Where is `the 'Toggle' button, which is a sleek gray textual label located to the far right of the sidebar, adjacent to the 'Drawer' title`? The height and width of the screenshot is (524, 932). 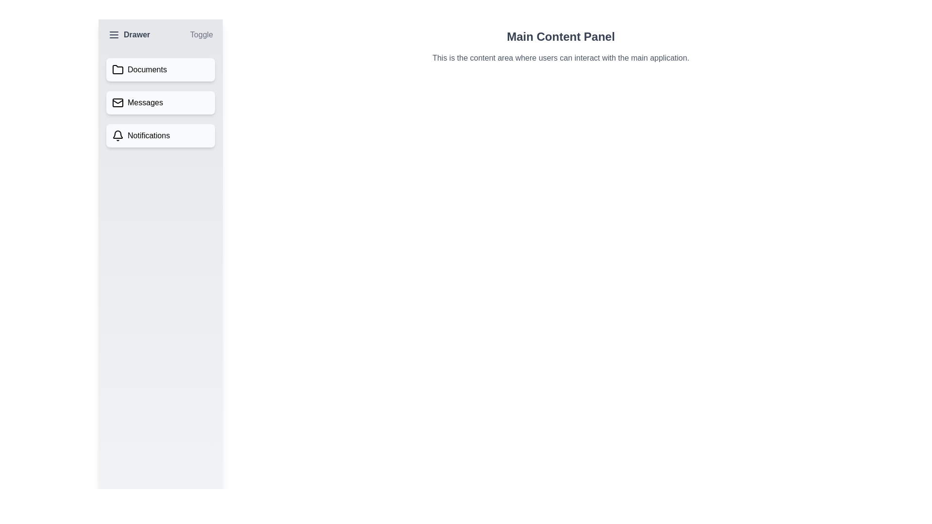 the 'Toggle' button, which is a sleek gray textual label located to the far right of the sidebar, adjacent to the 'Drawer' title is located at coordinates (200, 34).